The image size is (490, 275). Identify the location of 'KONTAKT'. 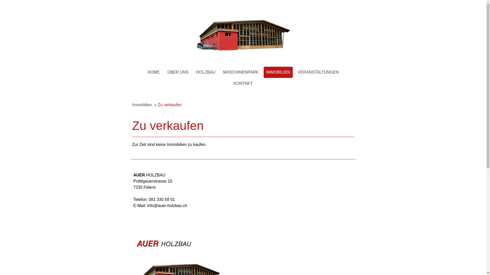
(242, 83).